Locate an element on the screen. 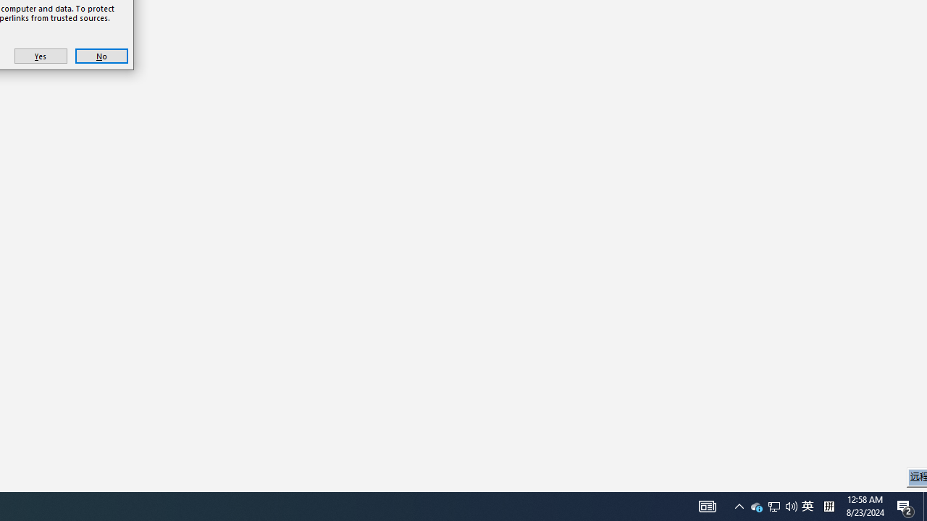 This screenshot has width=927, height=521. 'Q2790: 100%' is located at coordinates (756, 505).